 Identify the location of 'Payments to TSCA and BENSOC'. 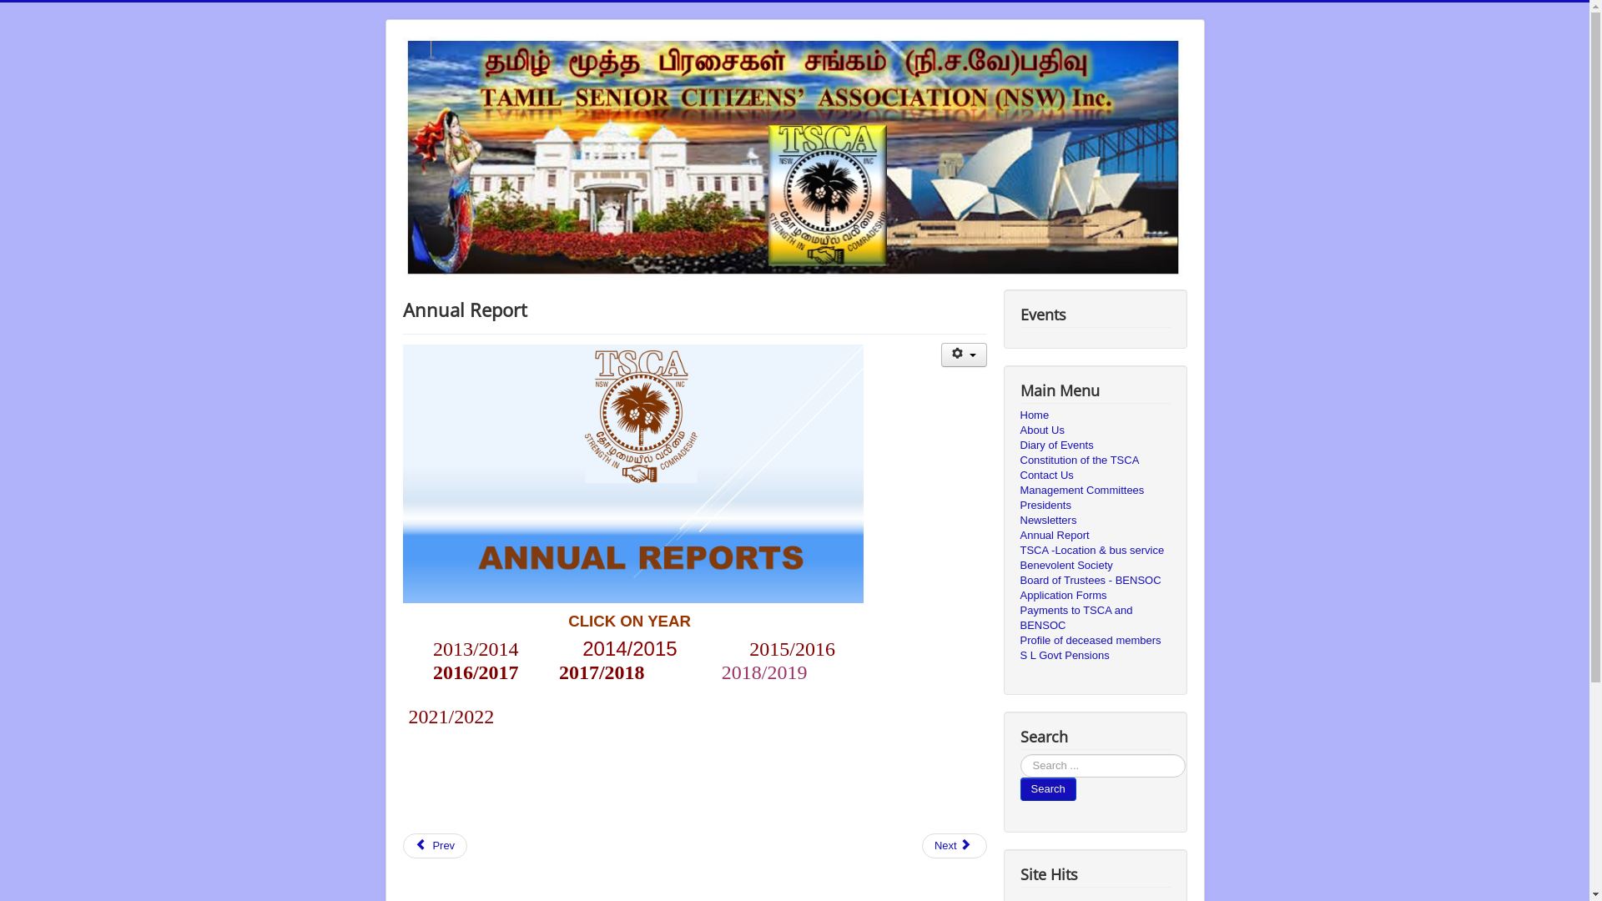
(1019, 617).